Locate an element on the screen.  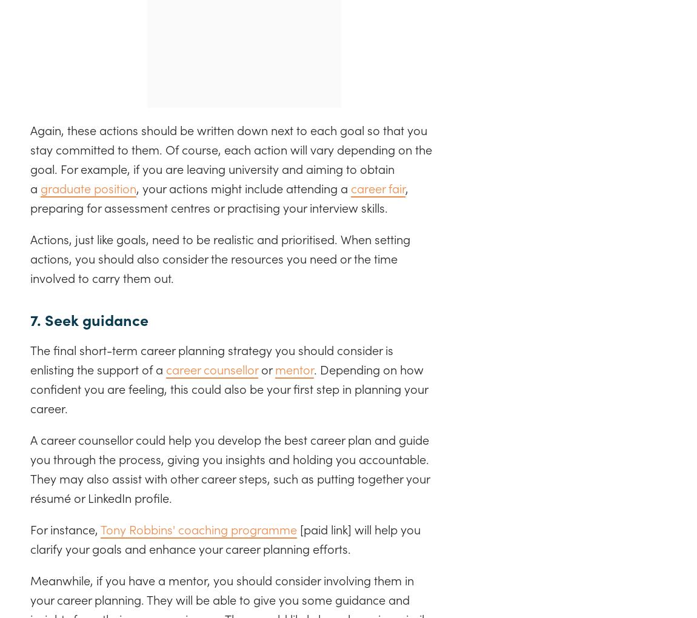
'A career counsellor could help you develop the best career plan and guide you through the process, giving you insights and holding you accountable. They may also assist with other career steps, such as putting together your résumé or LinkedIn profile.' is located at coordinates (230, 467).